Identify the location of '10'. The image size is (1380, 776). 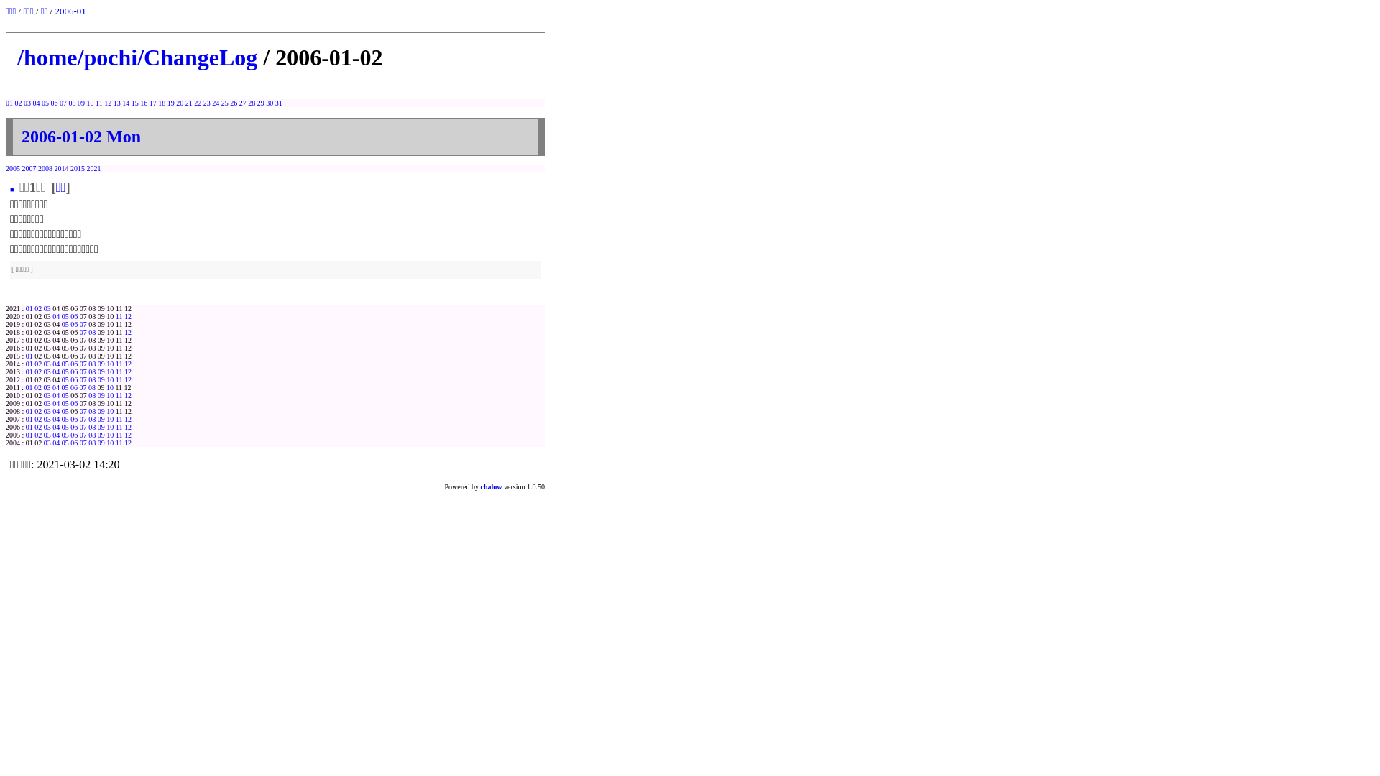
(109, 434).